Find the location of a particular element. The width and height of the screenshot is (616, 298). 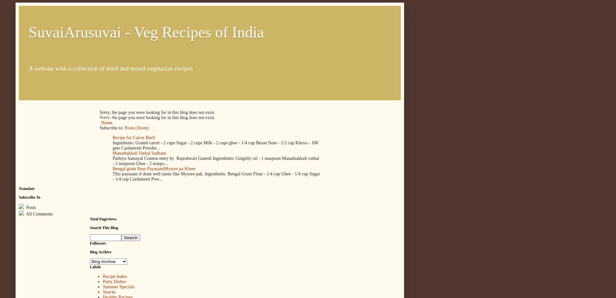

'This payasam if done well tastes like Mysore pak.   Ingredients:  Bengal Gram Flour - 1/4 cup  Ghee - 1/4 cup  Sugar - 1/4 cup  Cardamom Pow...' is located at coordinates (216, 176).